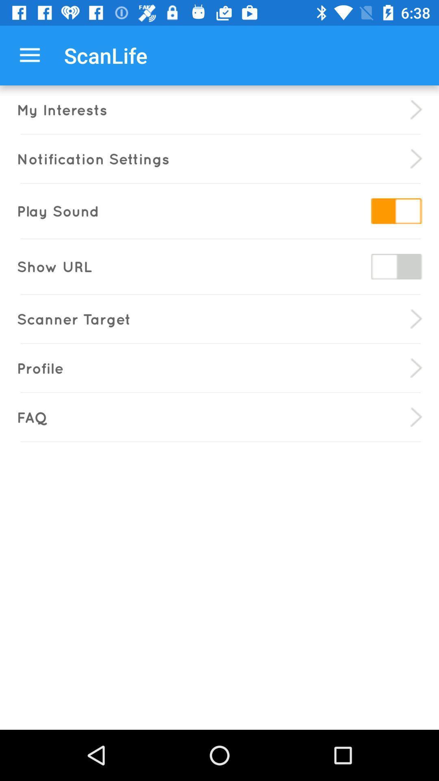 This screenshot has height=781, width=439. Describe the element at coordinates (396, 211) in the screenshot. I see `switch button to turn off sound` at that location.